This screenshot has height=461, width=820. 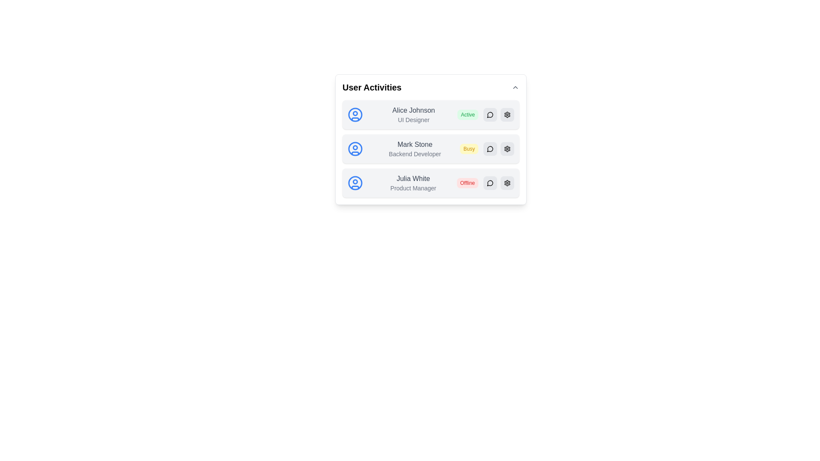 I want to click on the gear icon button located in the second row of the 'User Activities' card, so click(x=507, y=148).